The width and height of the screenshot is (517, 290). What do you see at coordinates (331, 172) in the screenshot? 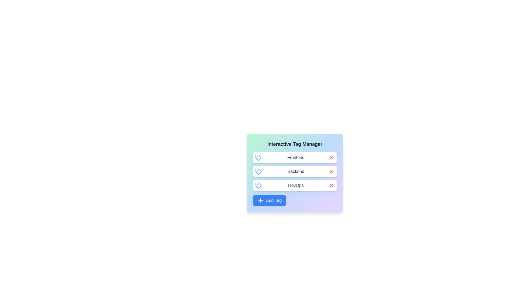
I see `'X' button of the tag labeled Backend to remove it` at bounding box center [331, 172].